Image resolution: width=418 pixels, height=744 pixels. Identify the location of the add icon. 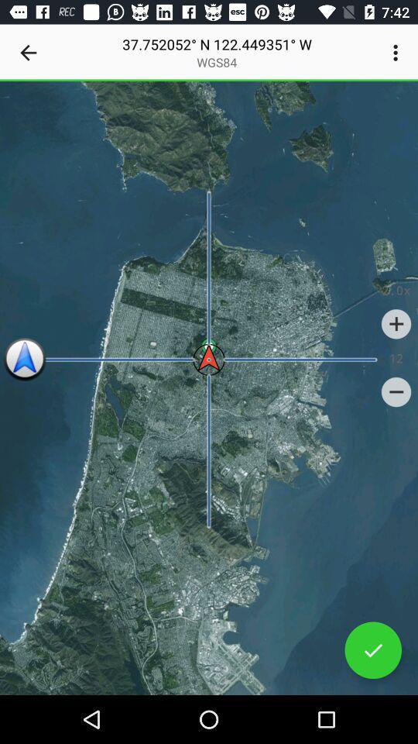
(396, 323).